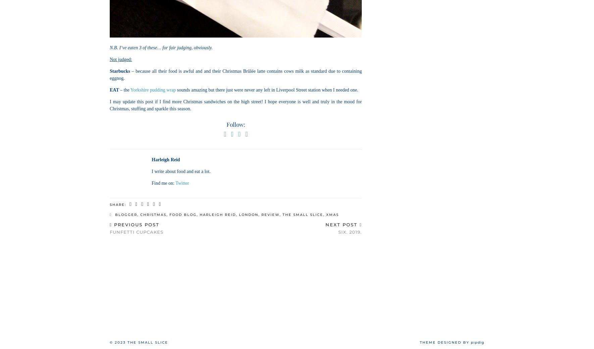  I want to click on '36', so click(42, 298).